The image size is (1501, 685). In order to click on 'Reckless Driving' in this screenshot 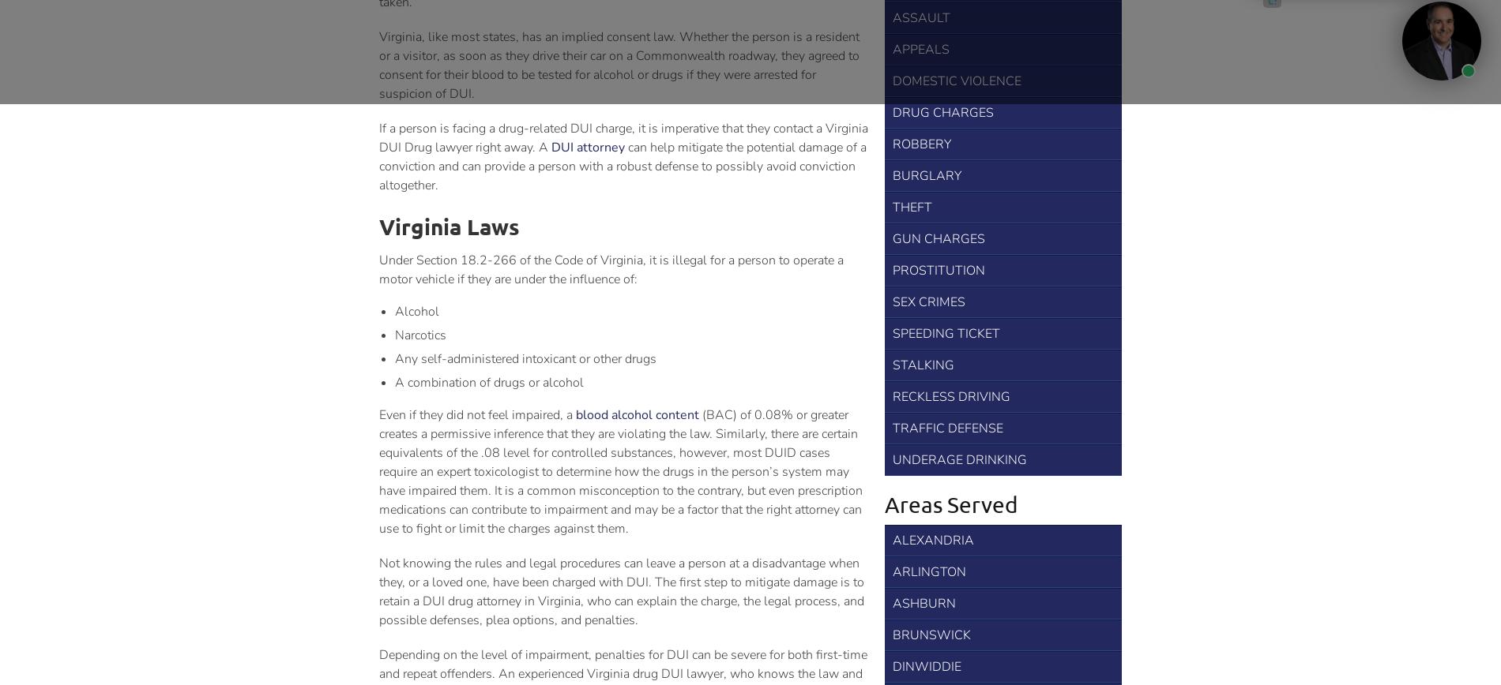, I will do `click(950, 396)`.